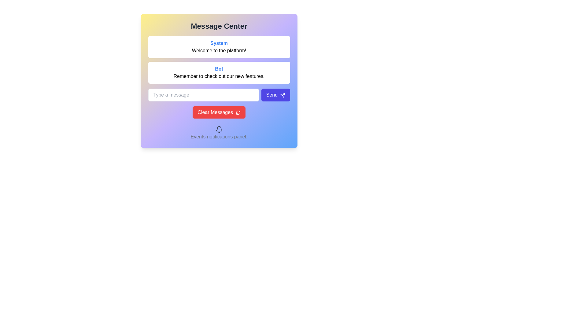 The height and width of the screenshot is (330, 587). What do you see at coordinates (219, 50) in the screenshot?
I see `the static text label that provides a welcome message to the user, located below the 'System' classification label` at bounding box center [219, 50].